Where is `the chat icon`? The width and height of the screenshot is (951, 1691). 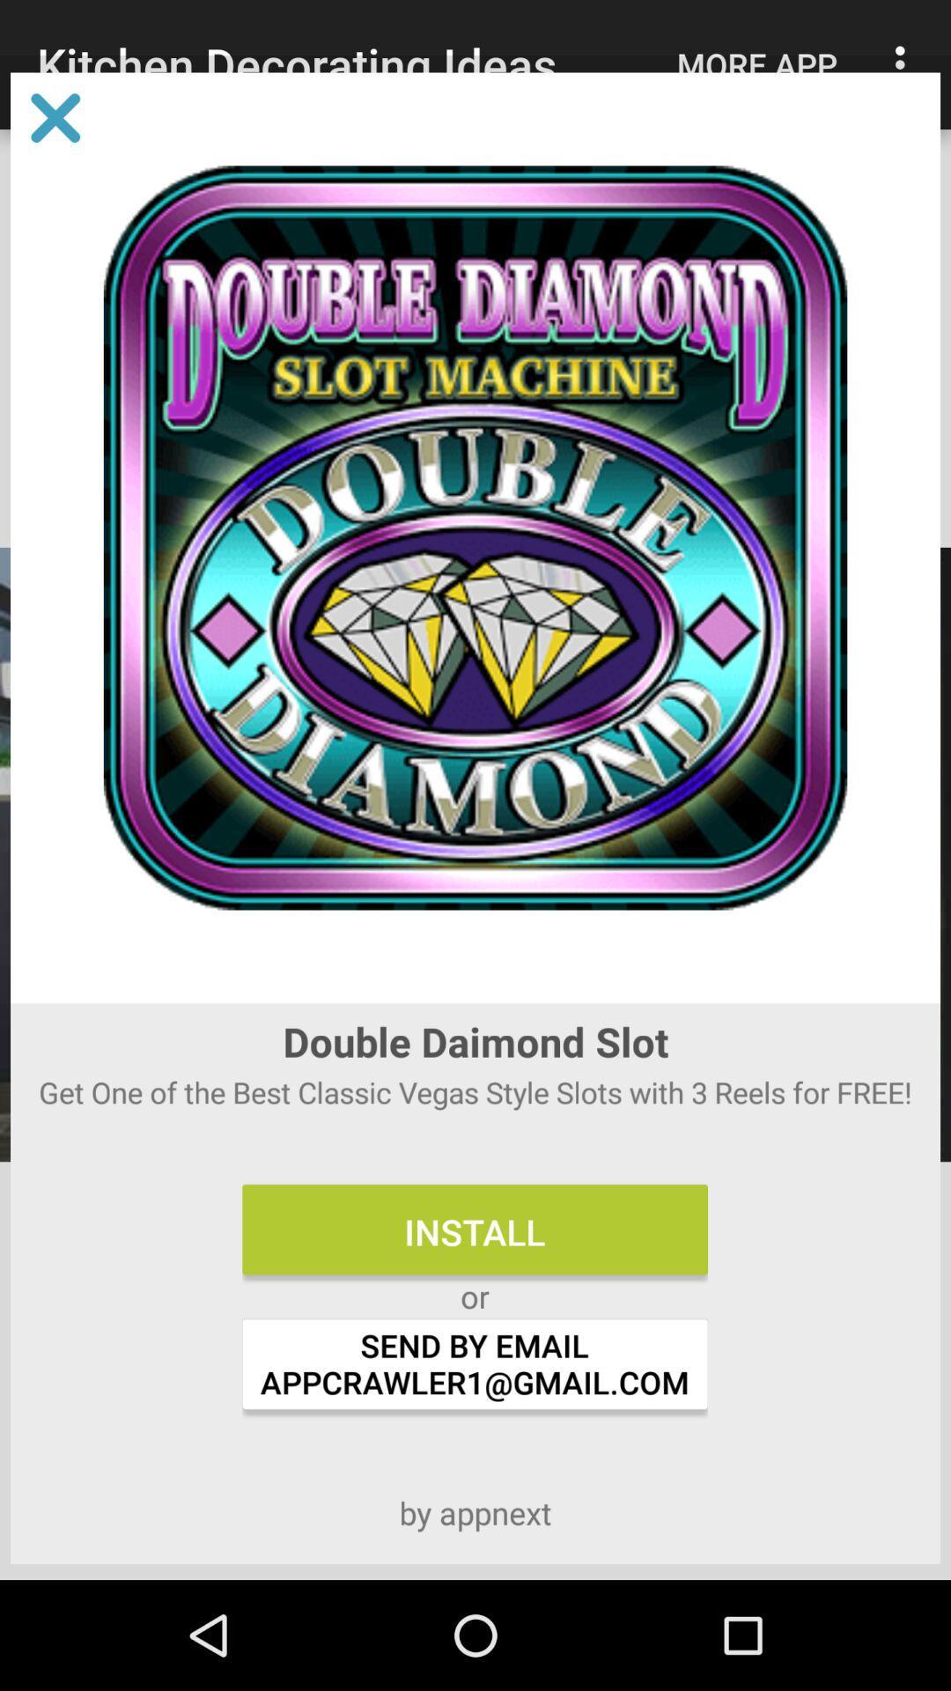 the chat icon is located at coordinates (308, 1403).